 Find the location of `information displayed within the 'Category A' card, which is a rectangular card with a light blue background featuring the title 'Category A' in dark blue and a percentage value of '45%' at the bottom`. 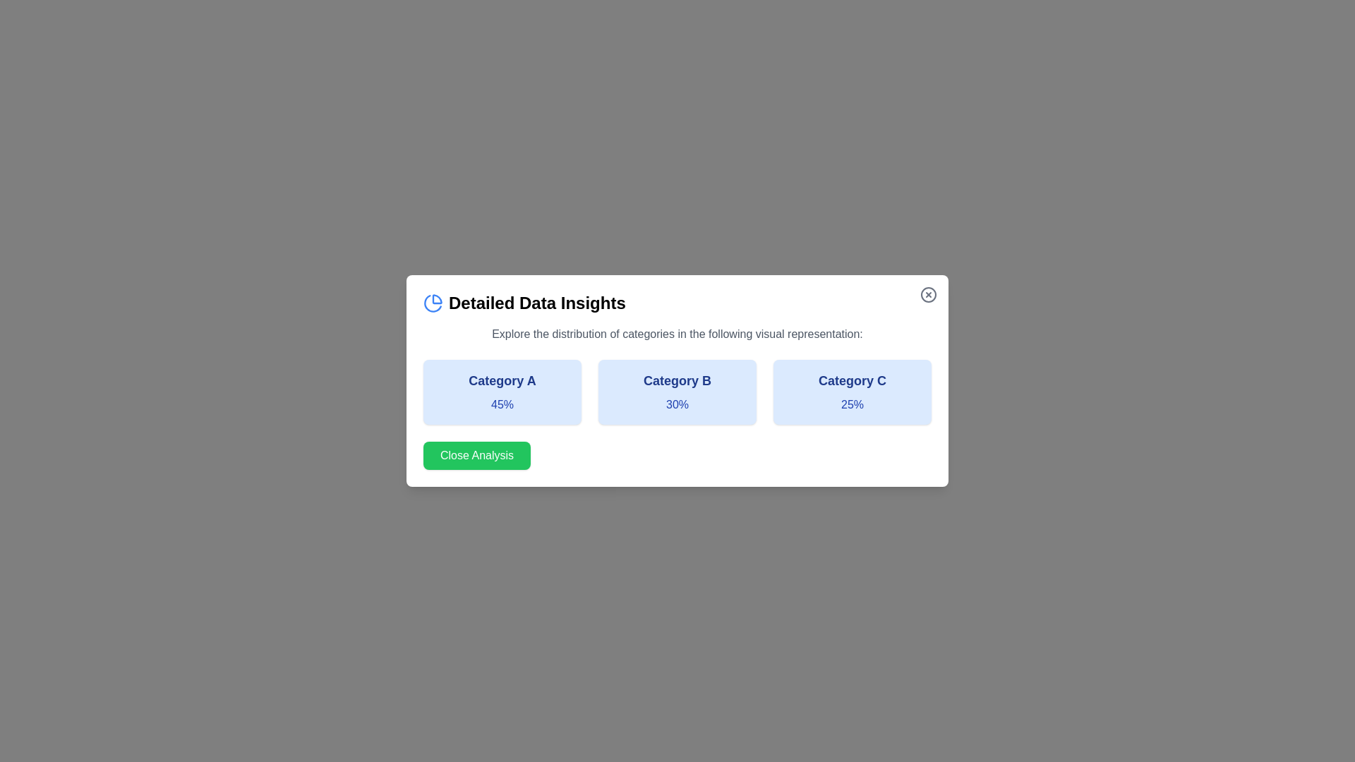

information displayed within the 'Category A' card, which is a rectangular card with a light blue background featuring the title 'Category A' in dark blue and a percentage value of '45%' at the bottom is located at coordinates (502, 392).